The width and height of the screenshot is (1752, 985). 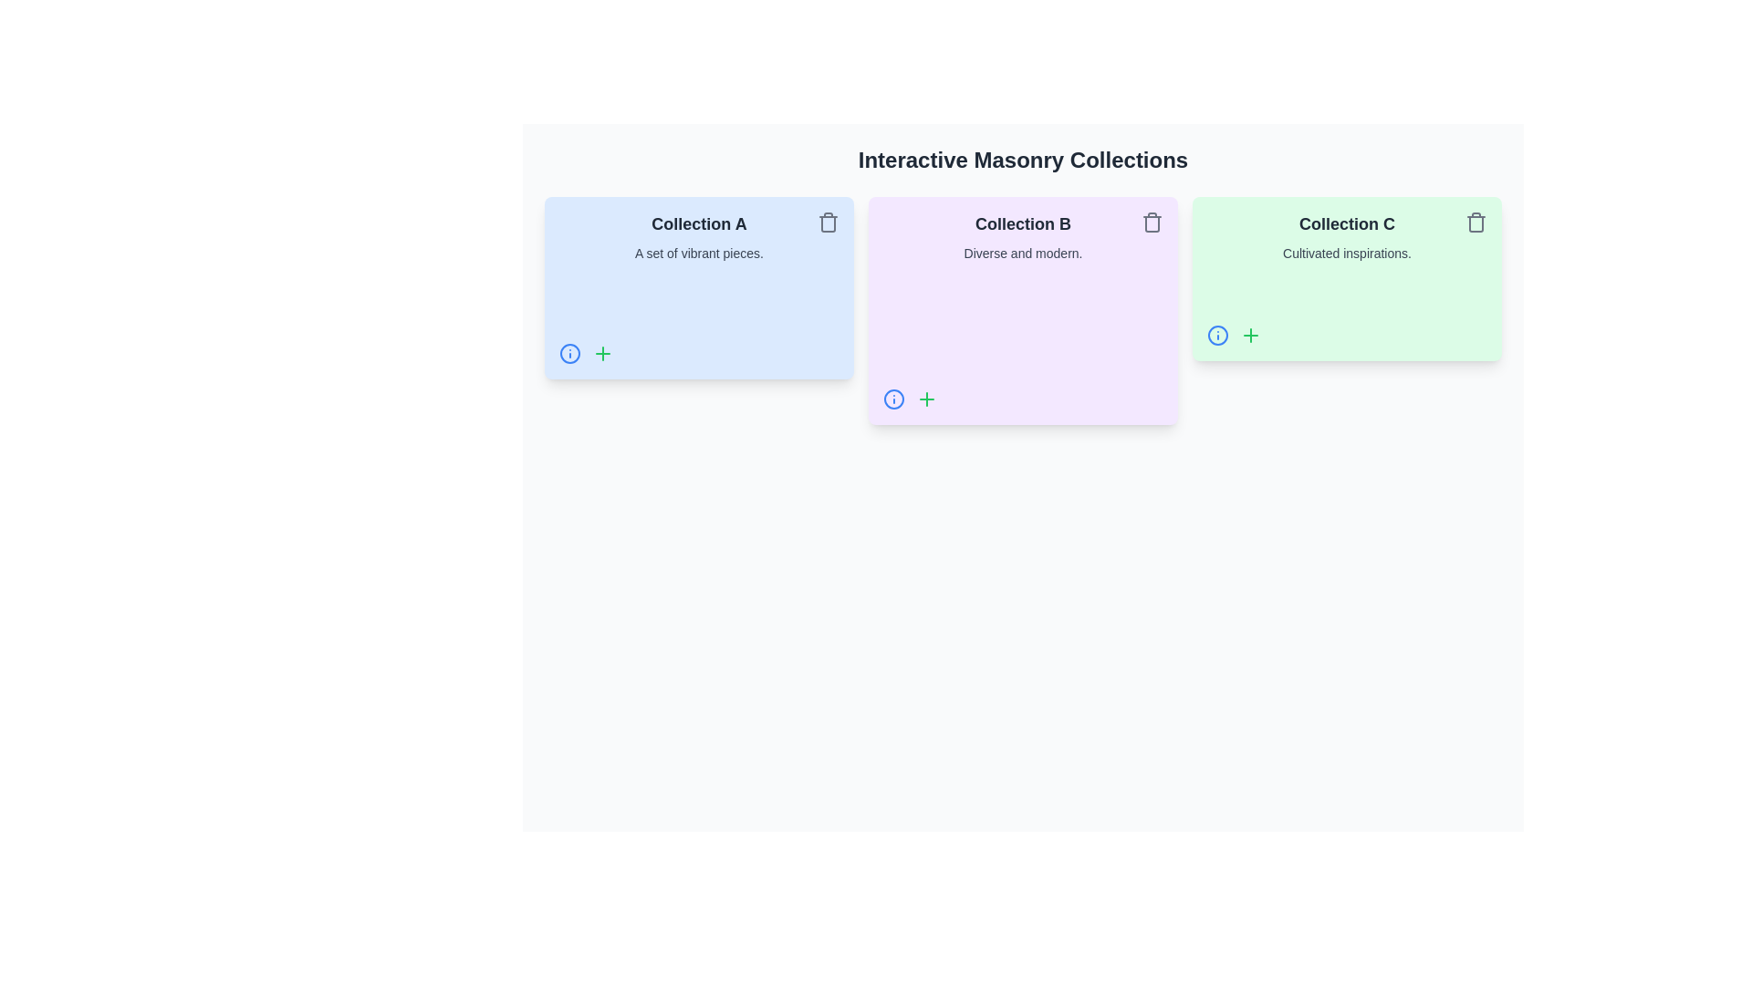 What do you see at coordinates (698, 223) in the screenshot?
I see `the text label reading 'Collection A', which is styled in bold dark gray and positioned at the top of the leftmost blue card` at bounding box center [698, 223].